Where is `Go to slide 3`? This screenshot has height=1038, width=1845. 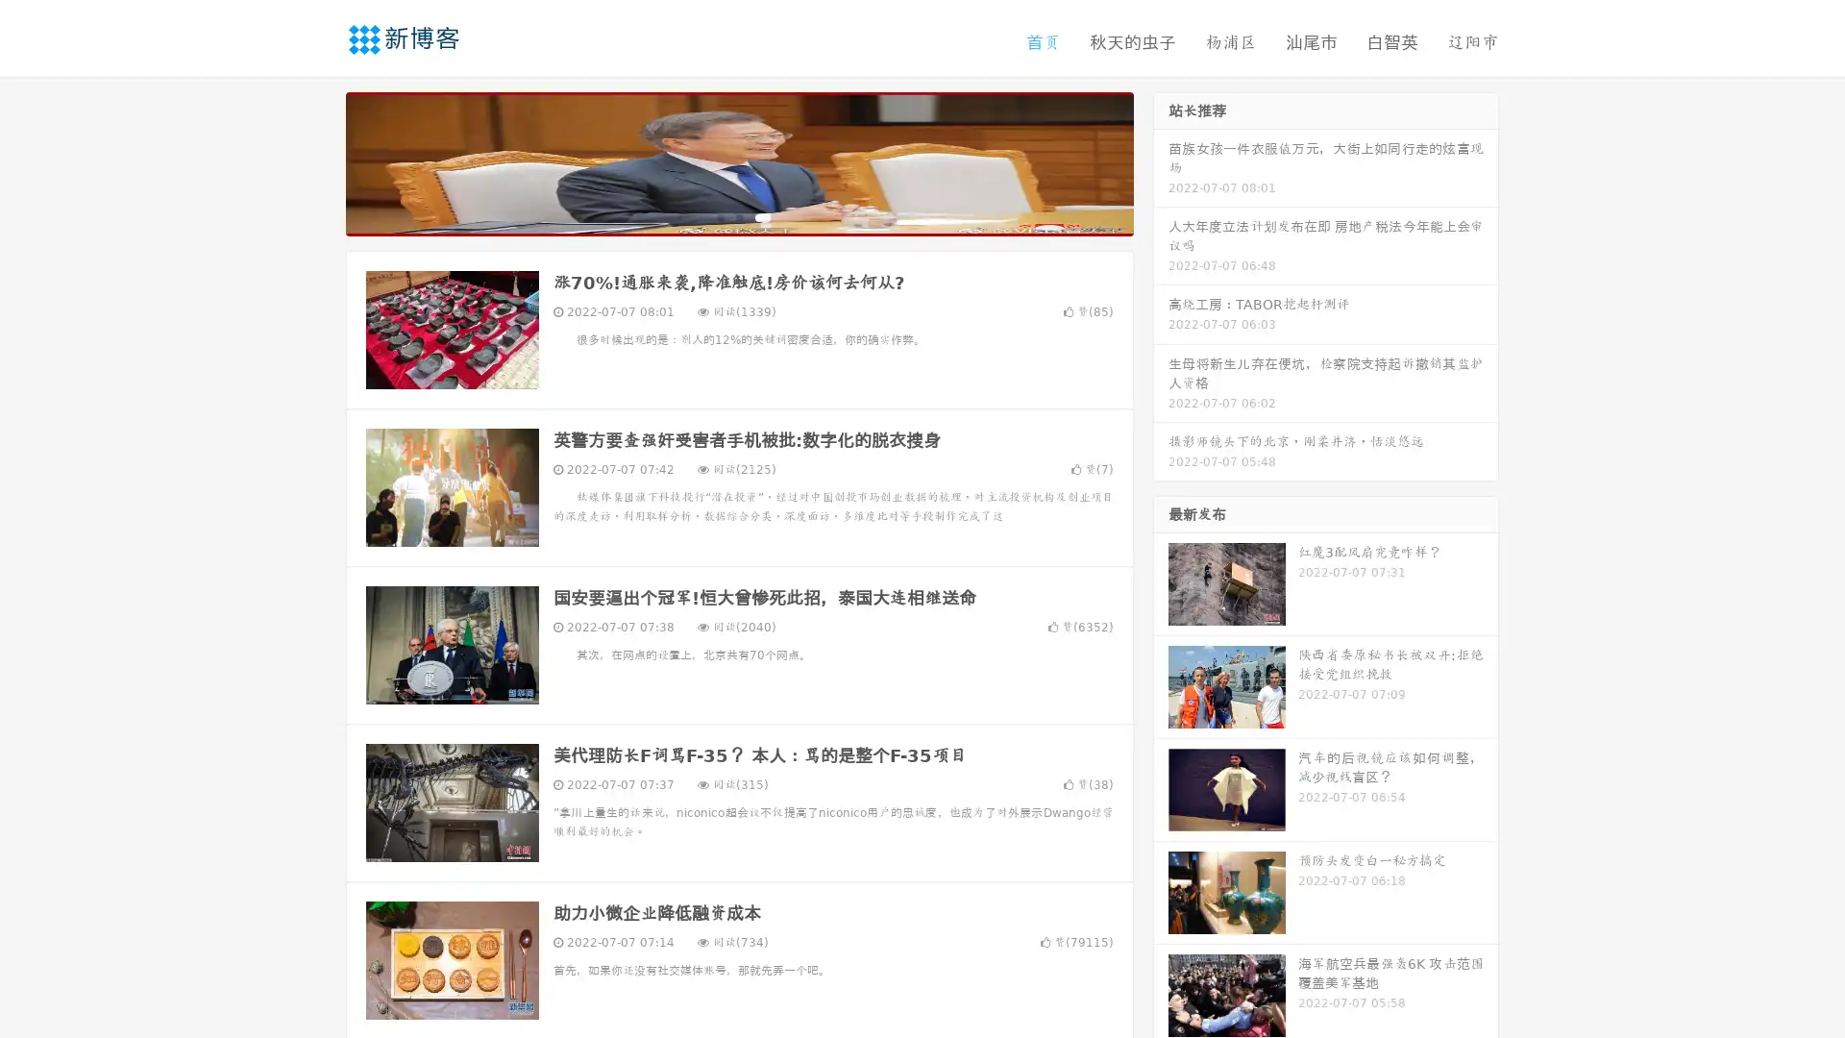
Go to slide 3 is located at coordinates (758, 216).